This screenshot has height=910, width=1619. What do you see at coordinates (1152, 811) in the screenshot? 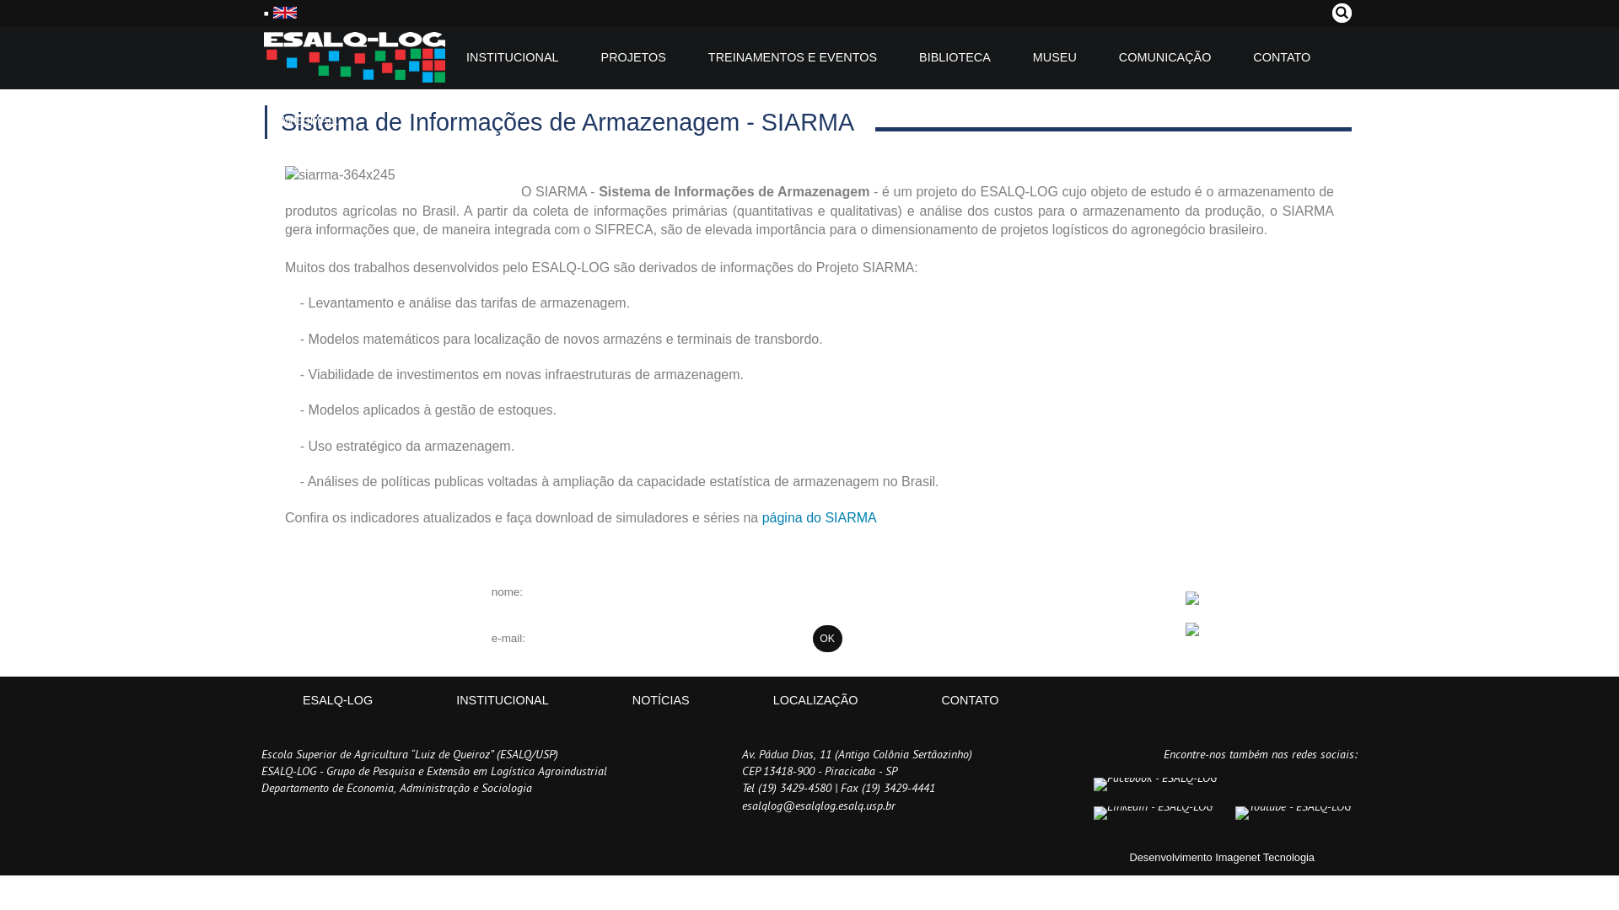
I see `'LinkedIn - ESALQ-LOG'` at bounding box center [1152, 811].